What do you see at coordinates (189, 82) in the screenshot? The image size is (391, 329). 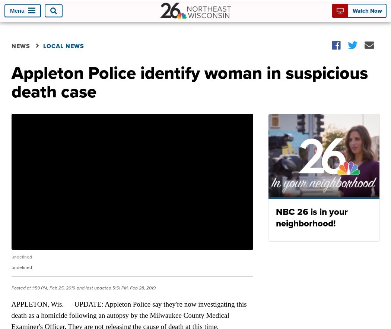 I see `'Appleton Police identify woman in suspicious death case'` at bounding box center [189, 82].